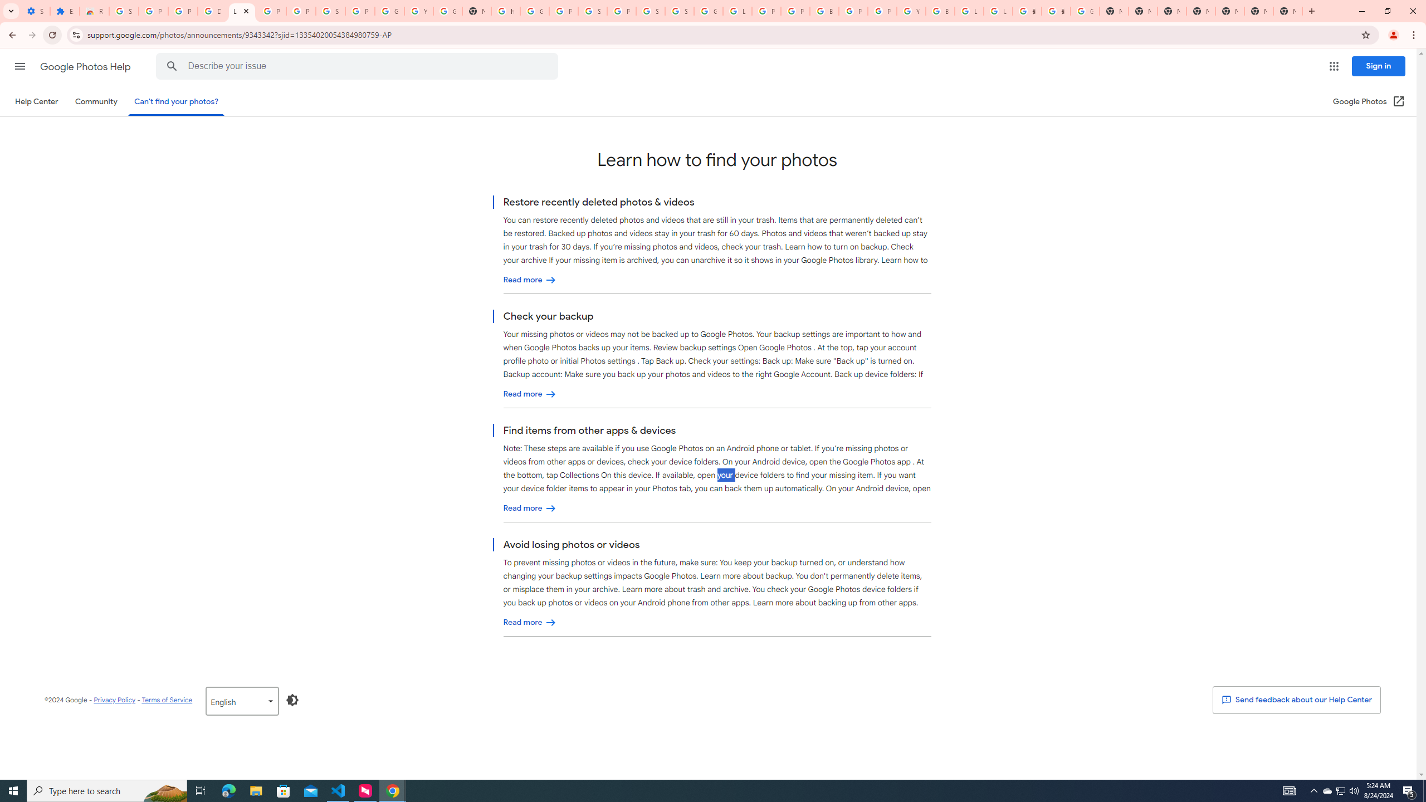 This screenshot has width=1426, height=802. Describe the element at coordinates (212, 11) in the screenshot. I see `'Delete photos & videos - Computer - Google Photos Help'` at that location.